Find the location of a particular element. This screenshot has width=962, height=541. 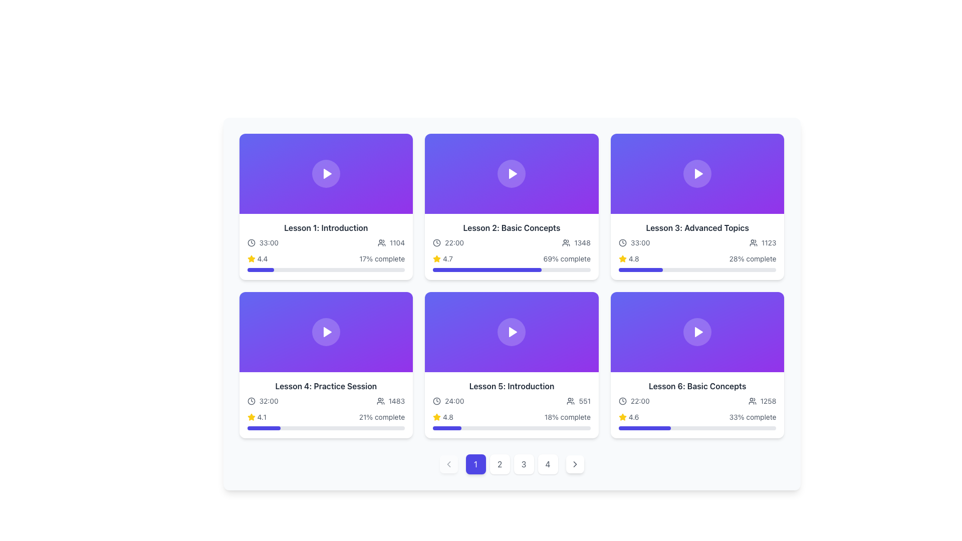

the play button of the 'Lesson 3: Advanced Topics' video thumbnail located in the top-right corner of the grid layout is located at coordinates (697, 173).